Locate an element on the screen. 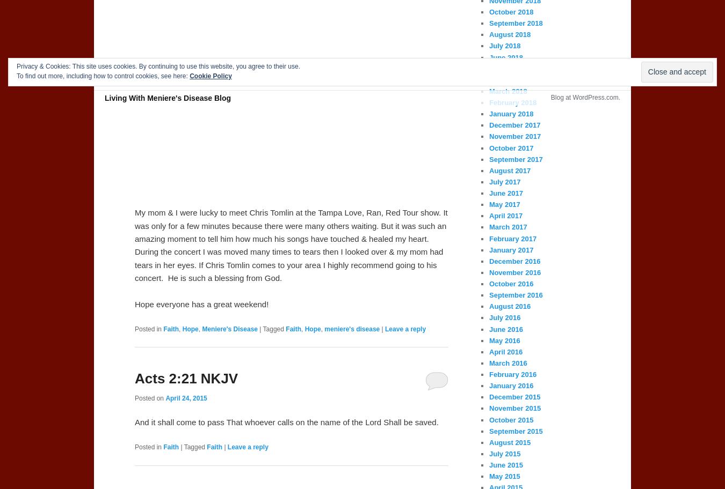 The height and width of the screenshot is (489, 725). 'August 2016' is located at coordinates (488, 306).